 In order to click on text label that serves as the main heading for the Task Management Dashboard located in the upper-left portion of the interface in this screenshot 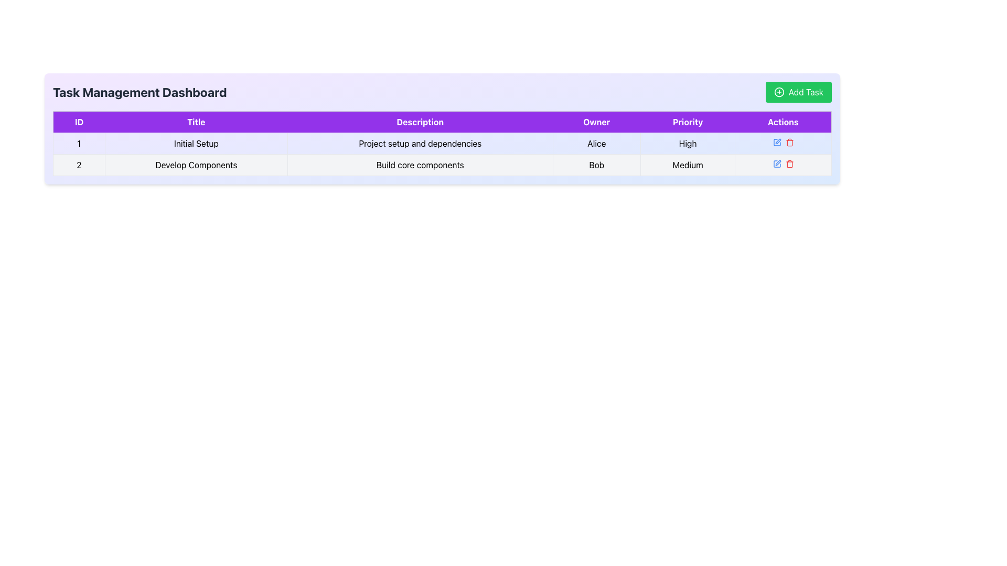, I will do `click(139, 92)`.